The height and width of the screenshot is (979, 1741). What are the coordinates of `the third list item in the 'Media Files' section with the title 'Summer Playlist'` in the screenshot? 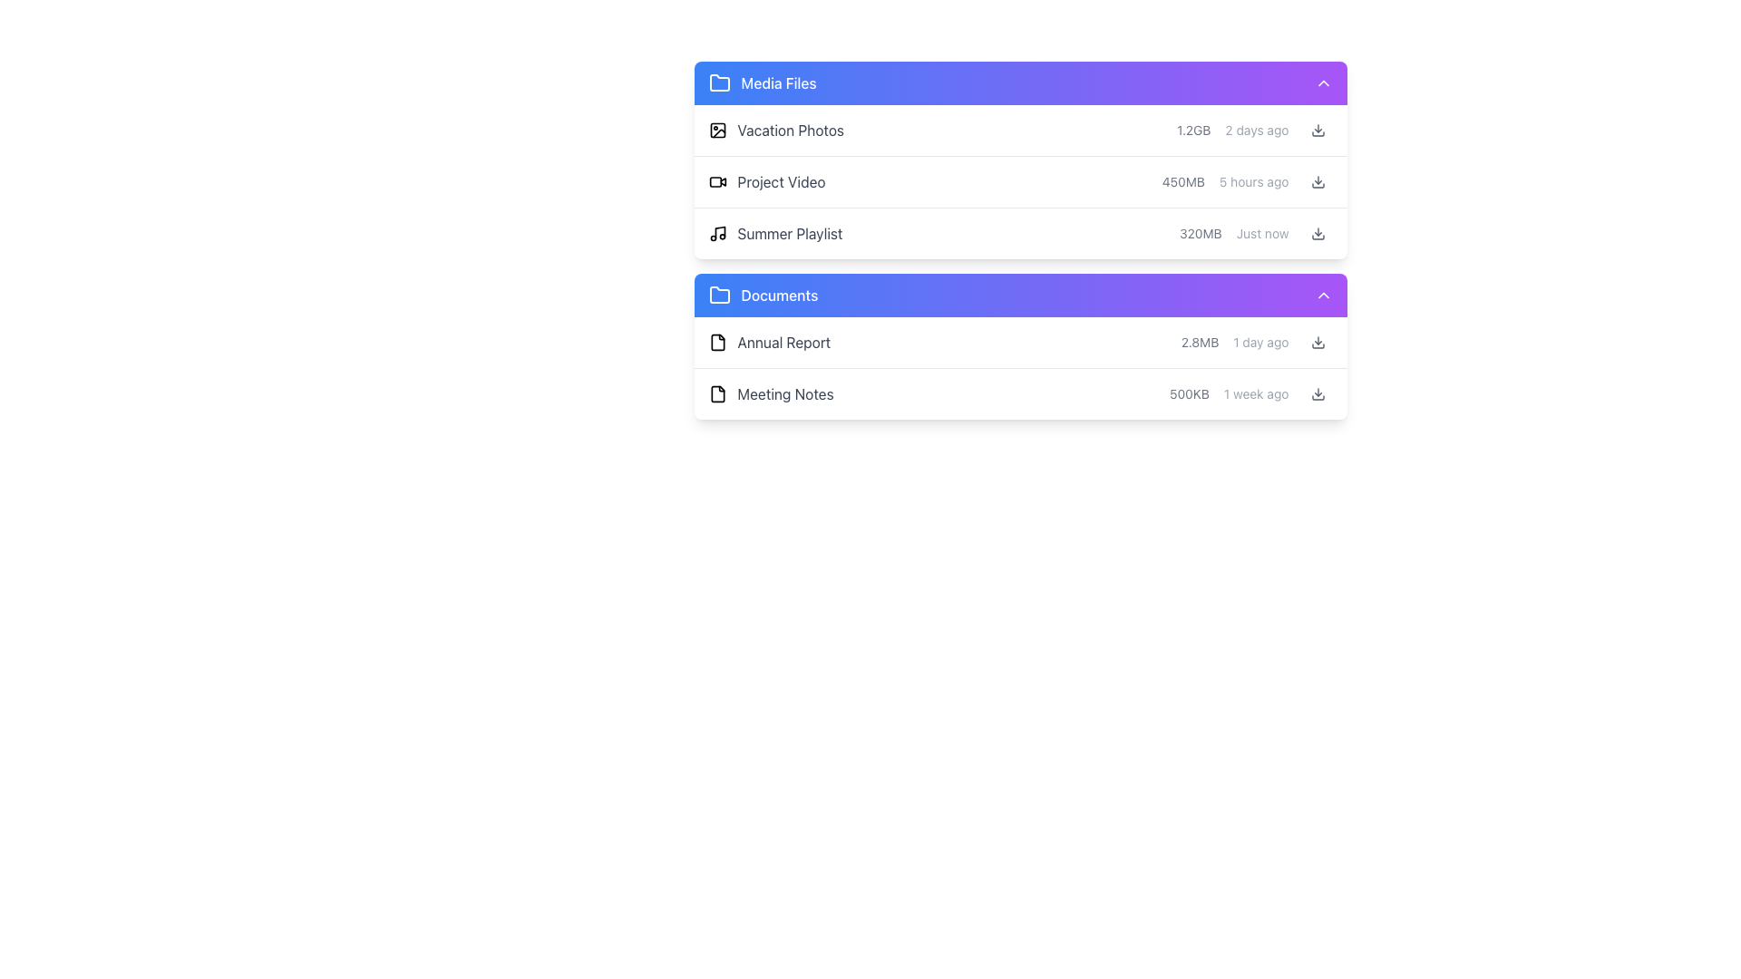 It's located at (1020, 233).